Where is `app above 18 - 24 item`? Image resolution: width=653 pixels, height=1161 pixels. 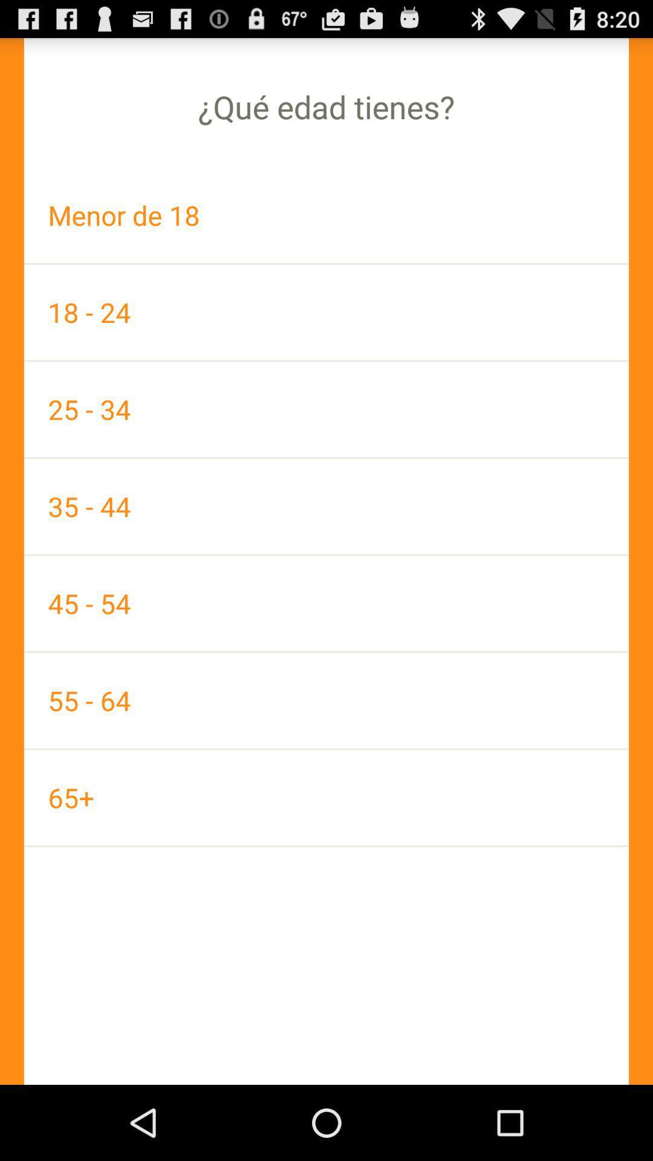
app above 18 - 24 item is located at coordinates (326, 215).